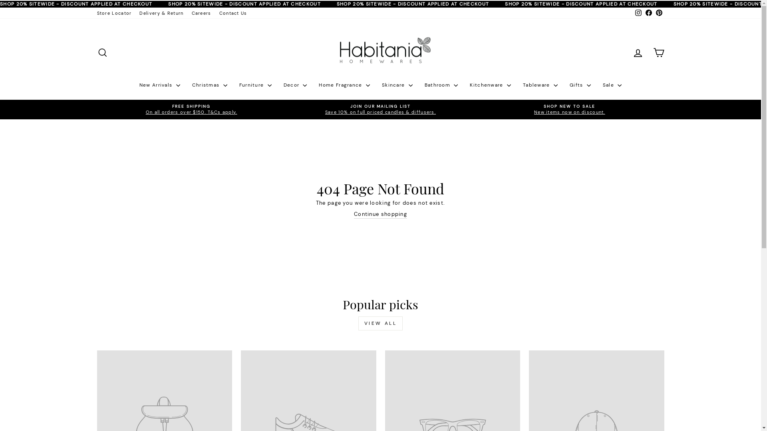 Image resolution: width=767 pixels, height=431 pixels. I want to click on 'Pinterest', so click(659, 14).